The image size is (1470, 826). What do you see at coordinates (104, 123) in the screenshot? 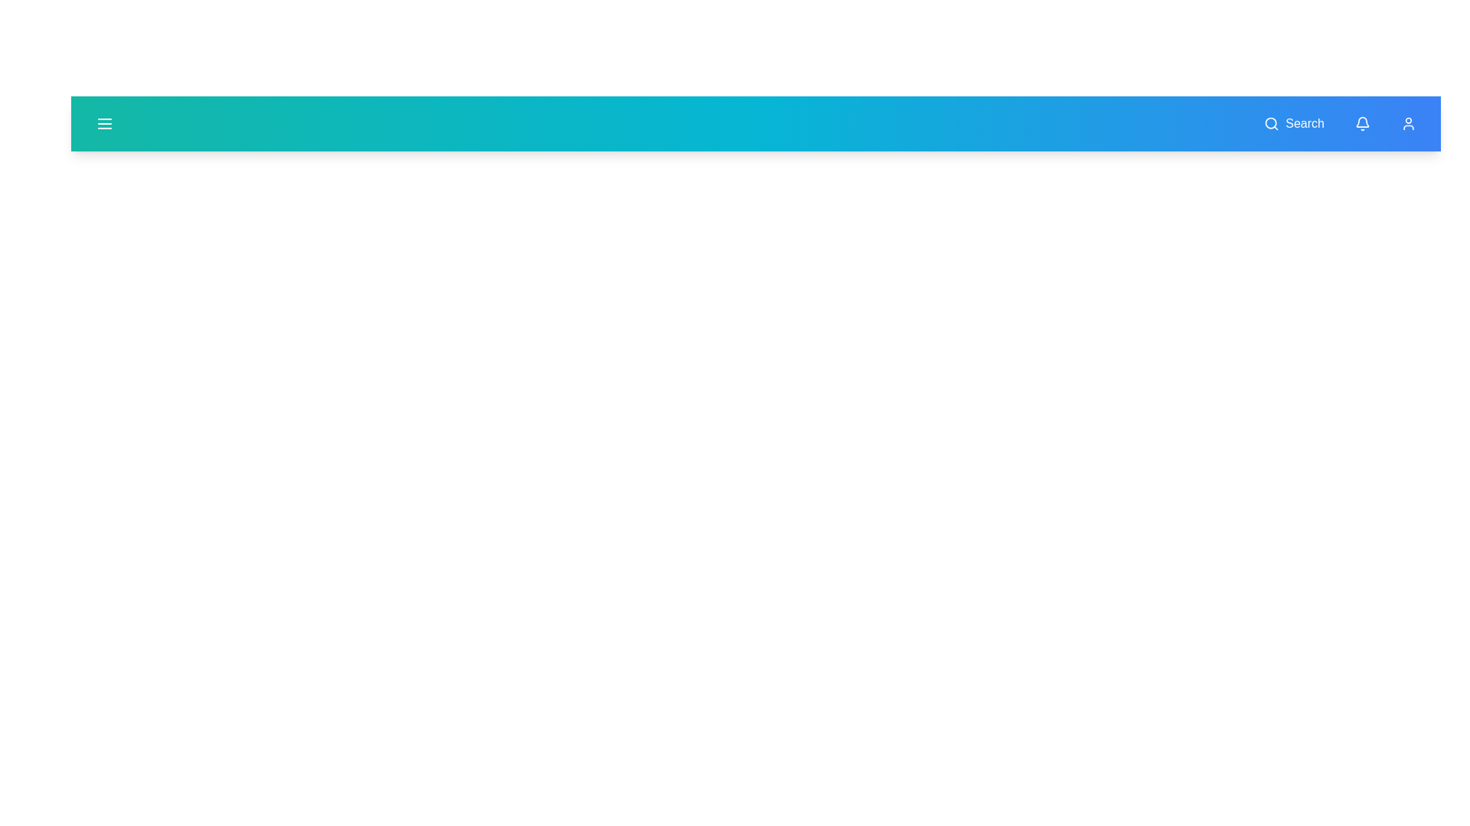
I see `the menu button to open the menu` at bounding box center [104, 123].